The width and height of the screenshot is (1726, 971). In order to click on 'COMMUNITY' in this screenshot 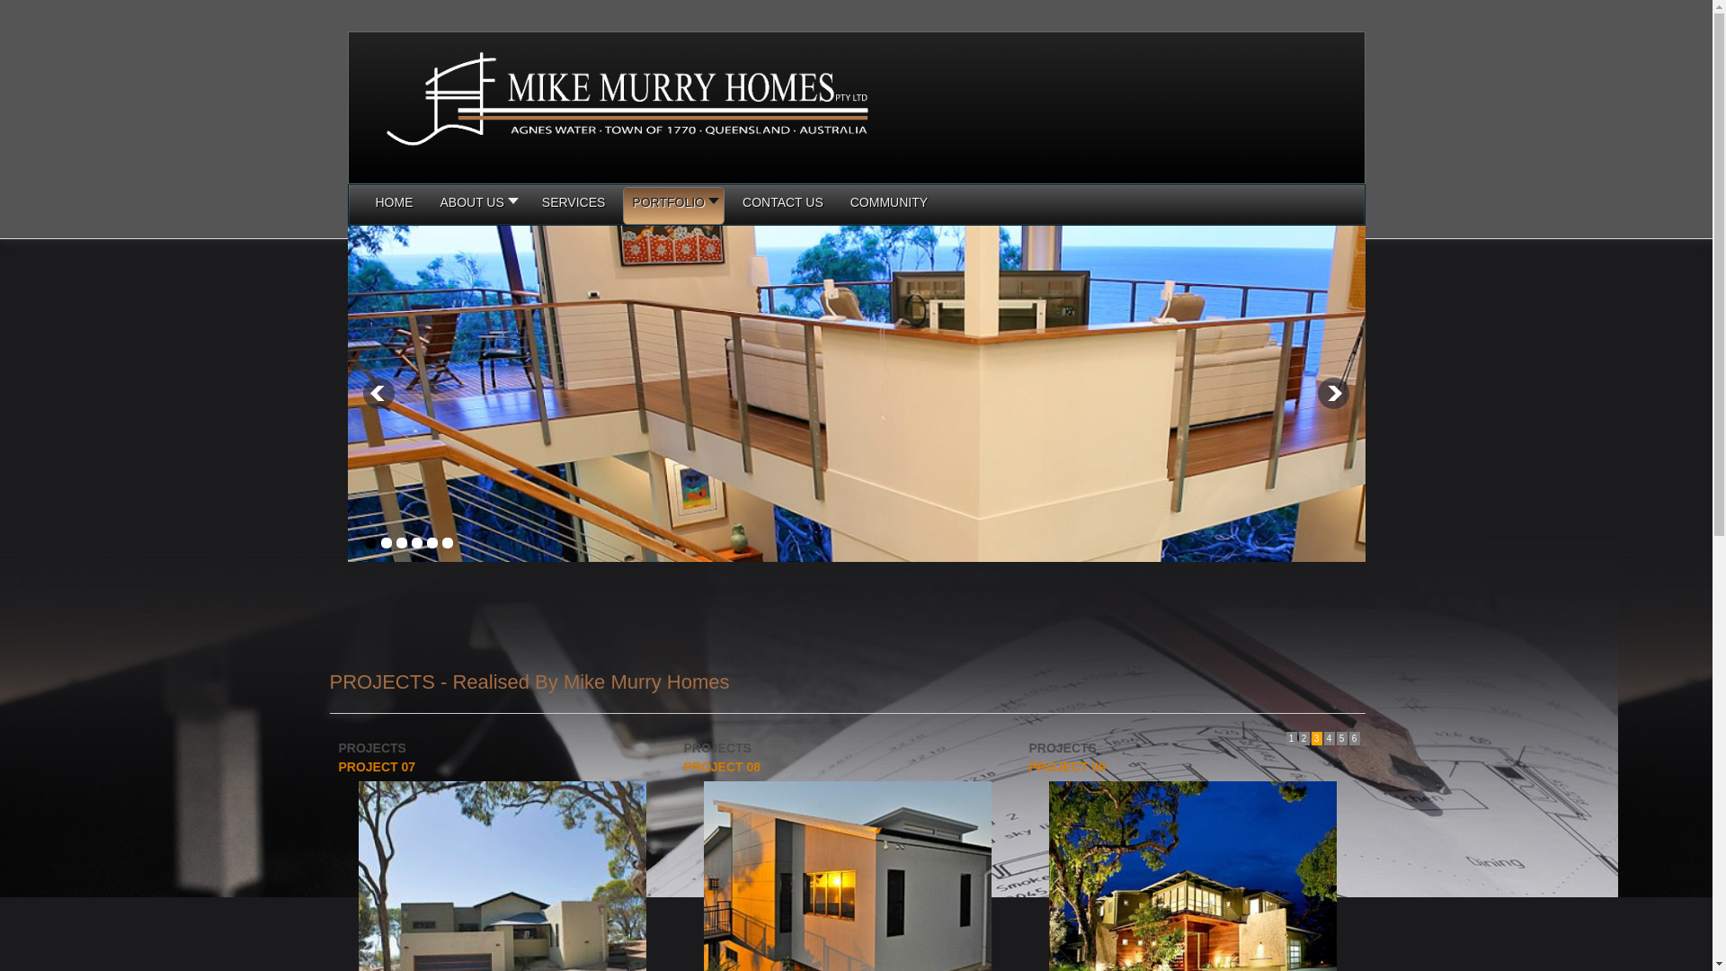, I will do `click(849, 206)`.